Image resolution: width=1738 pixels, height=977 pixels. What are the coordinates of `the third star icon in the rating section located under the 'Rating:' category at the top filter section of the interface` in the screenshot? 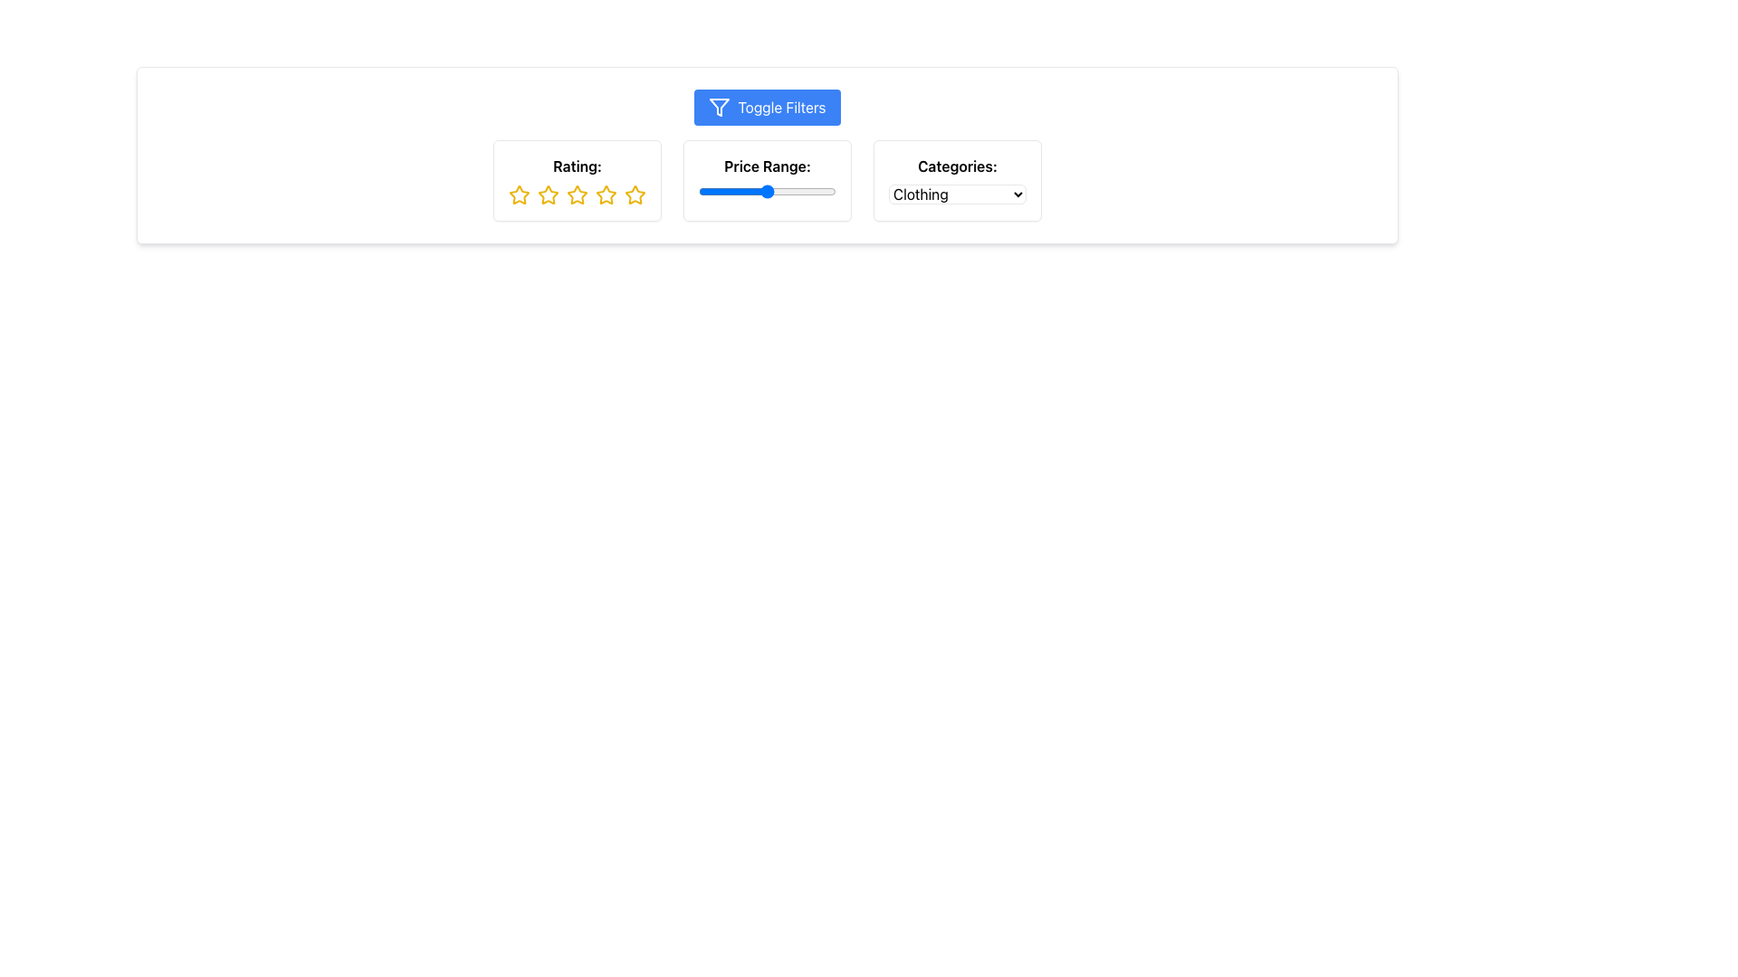 It's located at (577, 194).